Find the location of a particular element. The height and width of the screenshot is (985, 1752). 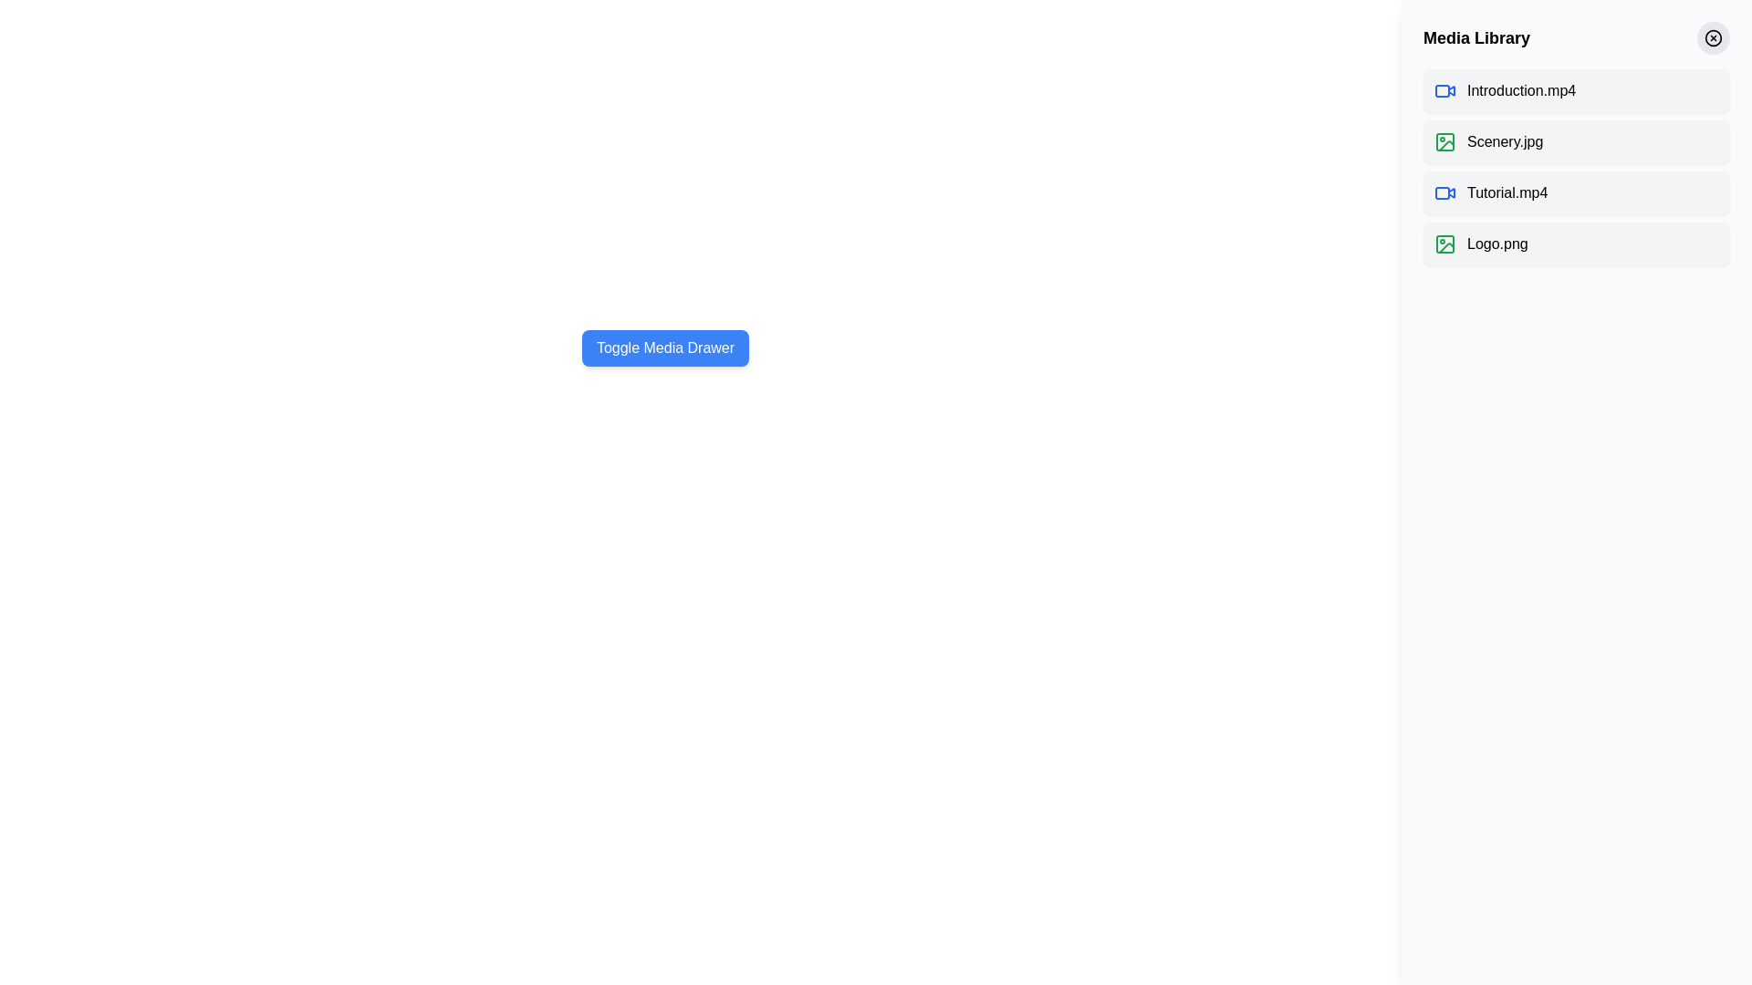

the 'Toggle Media Drawer' button, which is a rectangular button with rounded corners and a blue background located near the center-bottom of the interface is located at coordinates (664, 347).